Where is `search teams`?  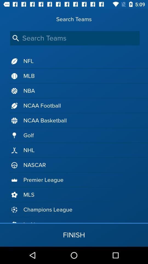 search teams is located at coordinates (75, 38).